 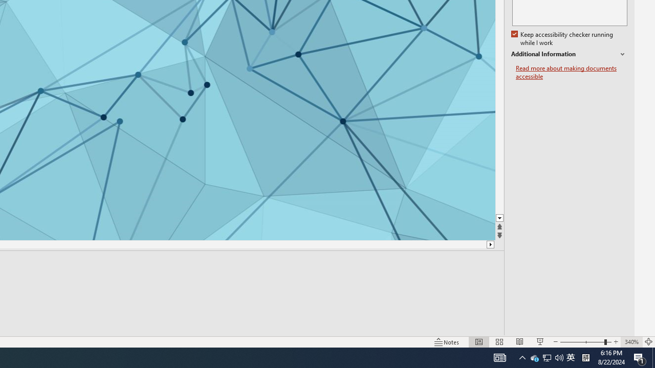 What do you see at coordinates (562, 38) in the screenshot?
I see `'Keep accessibility checker running while I work'` at bounding box center [562, 38].